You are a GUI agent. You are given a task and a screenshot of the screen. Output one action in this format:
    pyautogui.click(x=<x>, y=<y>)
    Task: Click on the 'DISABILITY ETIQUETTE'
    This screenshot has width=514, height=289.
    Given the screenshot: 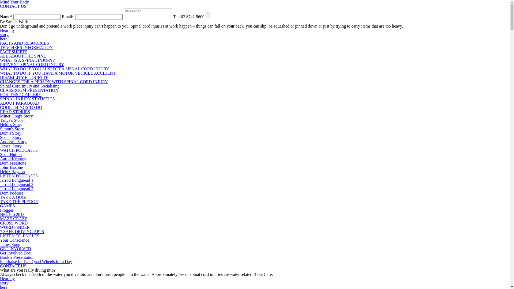 What is the action you would take?
    pyautogui.click(x=24, y=77)
    